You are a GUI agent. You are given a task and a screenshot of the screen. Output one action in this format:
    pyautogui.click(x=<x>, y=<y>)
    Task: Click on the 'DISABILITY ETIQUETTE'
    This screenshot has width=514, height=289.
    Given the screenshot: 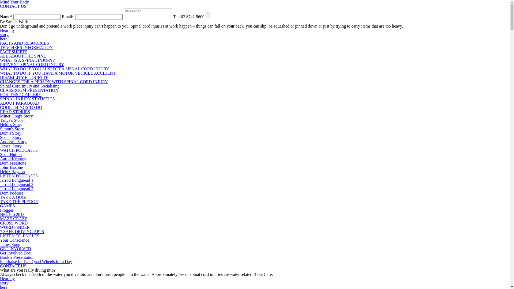 What is the action you would take?
    pyautogui.click(x=24, y=77)
    